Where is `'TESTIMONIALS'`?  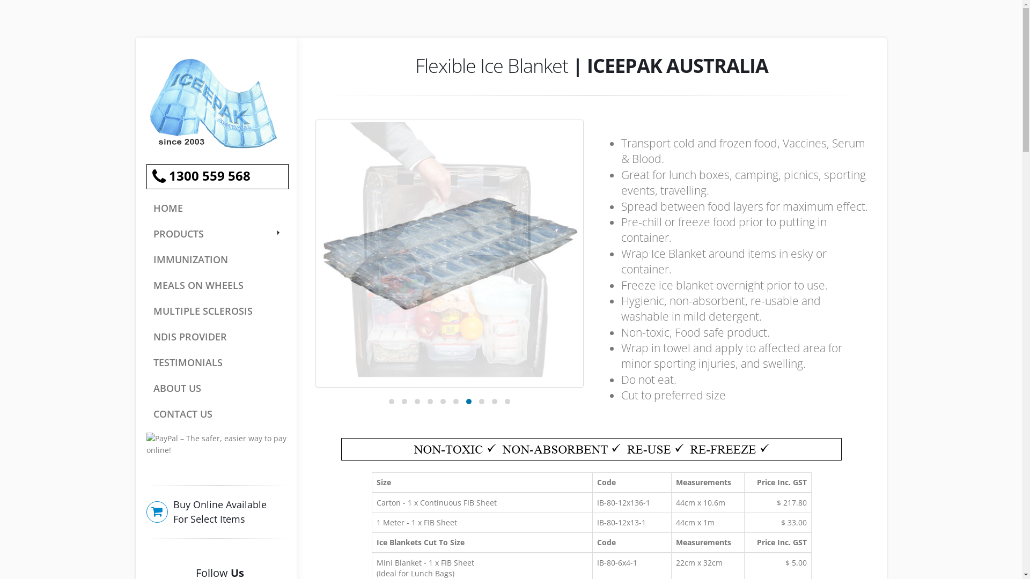 'TESTIMONIALS' is located at coordinates (216, 362).